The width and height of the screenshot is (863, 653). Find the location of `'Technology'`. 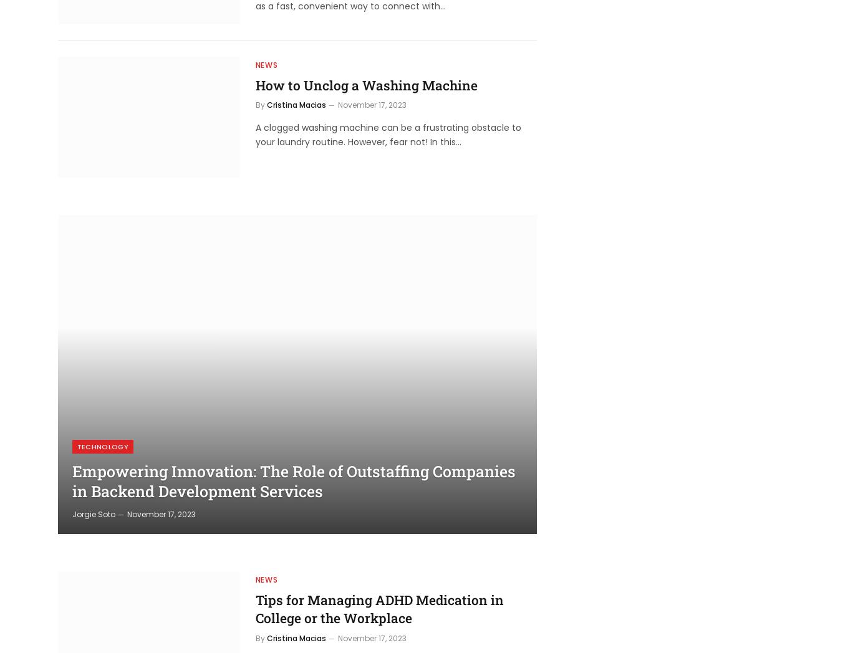

'Technology' is located at coordinates (102, 445).